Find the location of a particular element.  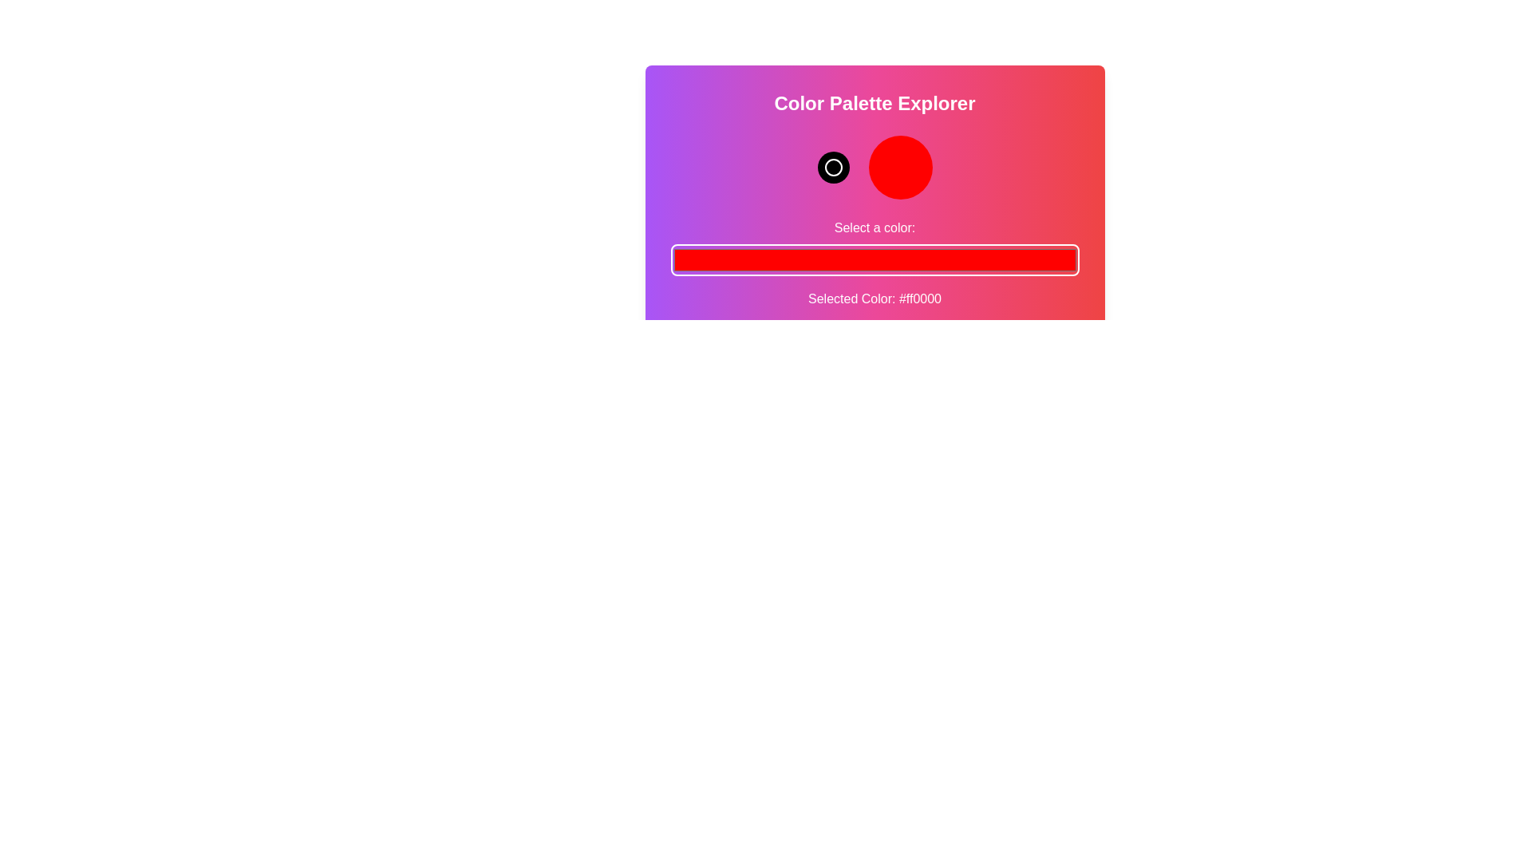

the color picker to a specific color value 6508716 is located at coordinates (874, 259).